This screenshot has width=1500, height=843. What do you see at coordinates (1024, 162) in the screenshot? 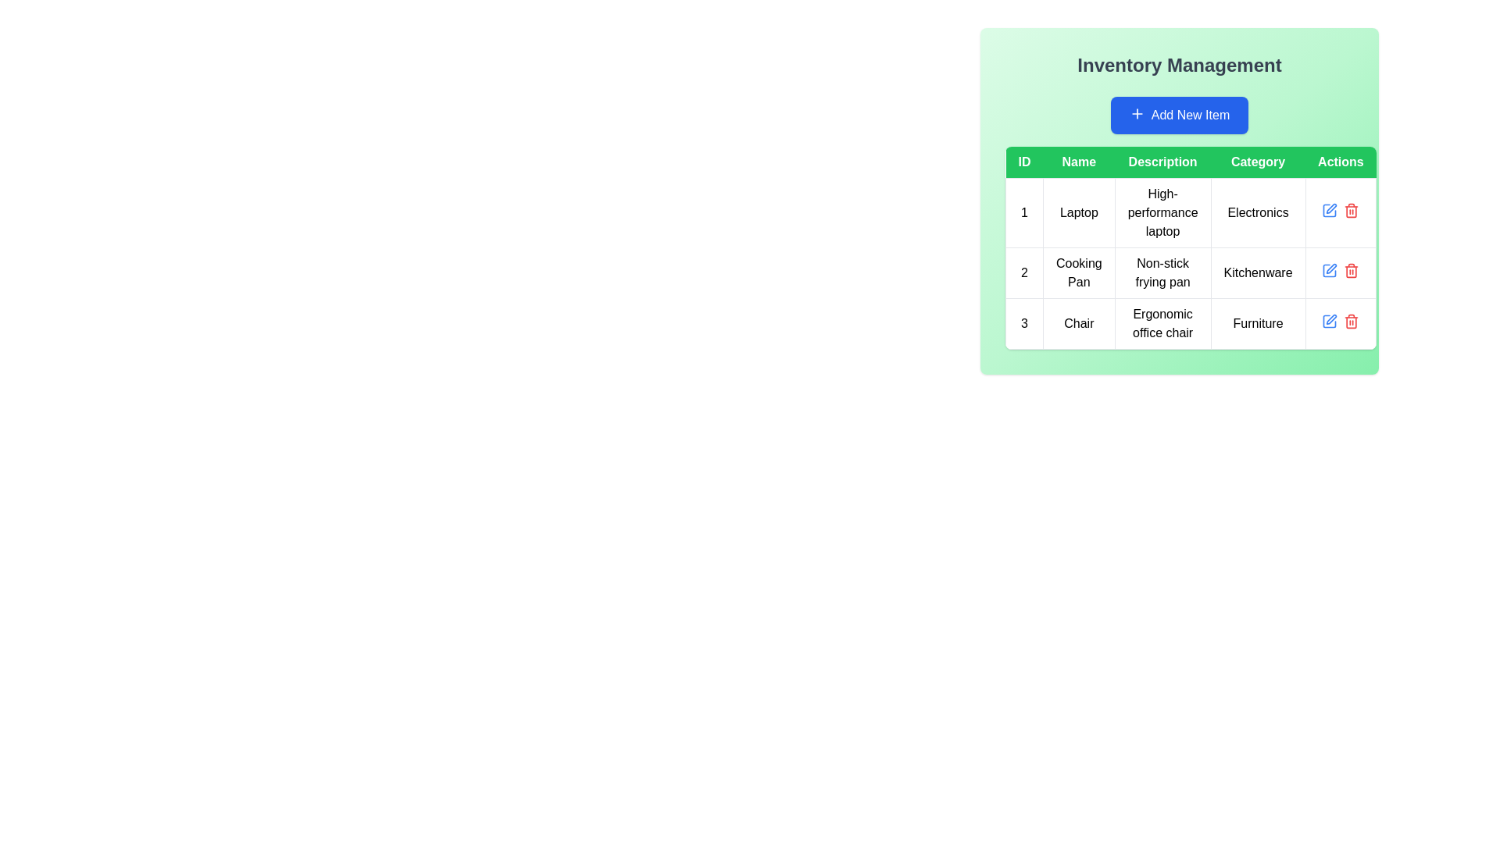
I see `the text label reading 'ID', which is located in the top-left corner of the table header with a green background and white center-aligned text` at bounding box center [1024, 162].